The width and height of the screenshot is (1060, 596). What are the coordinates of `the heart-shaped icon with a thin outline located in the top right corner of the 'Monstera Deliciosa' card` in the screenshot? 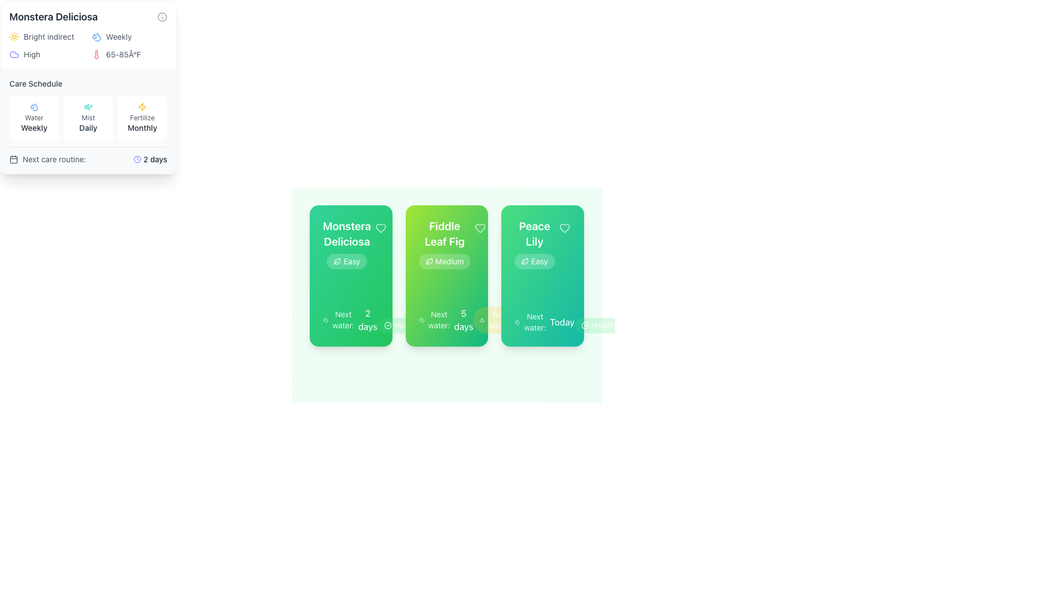 It's located at (381, 227).